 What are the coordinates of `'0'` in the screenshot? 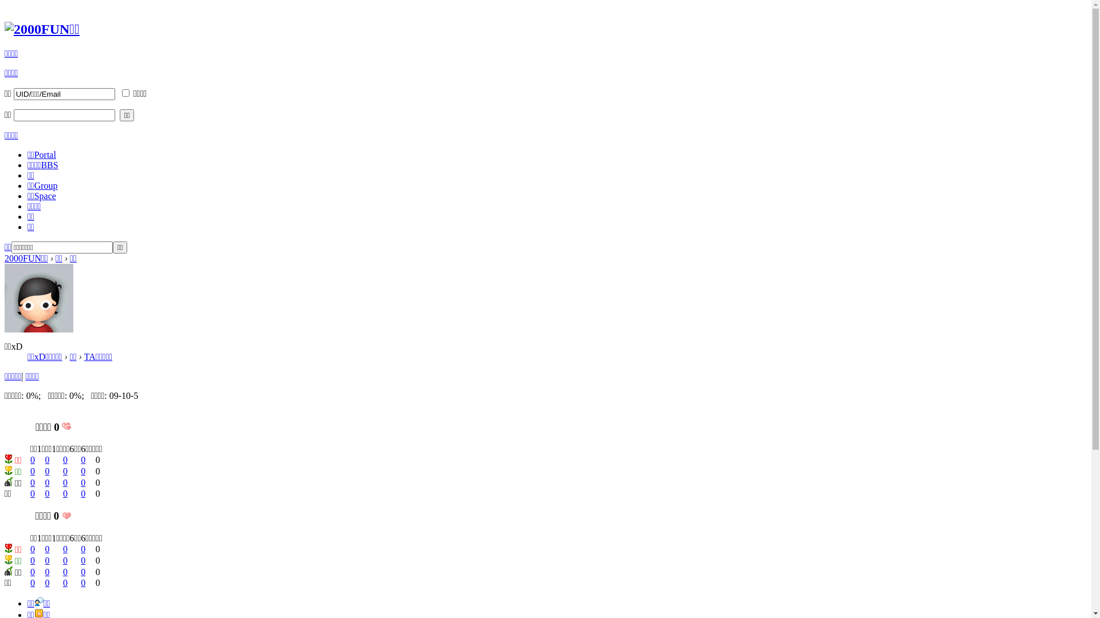 It's located at (33, 471).